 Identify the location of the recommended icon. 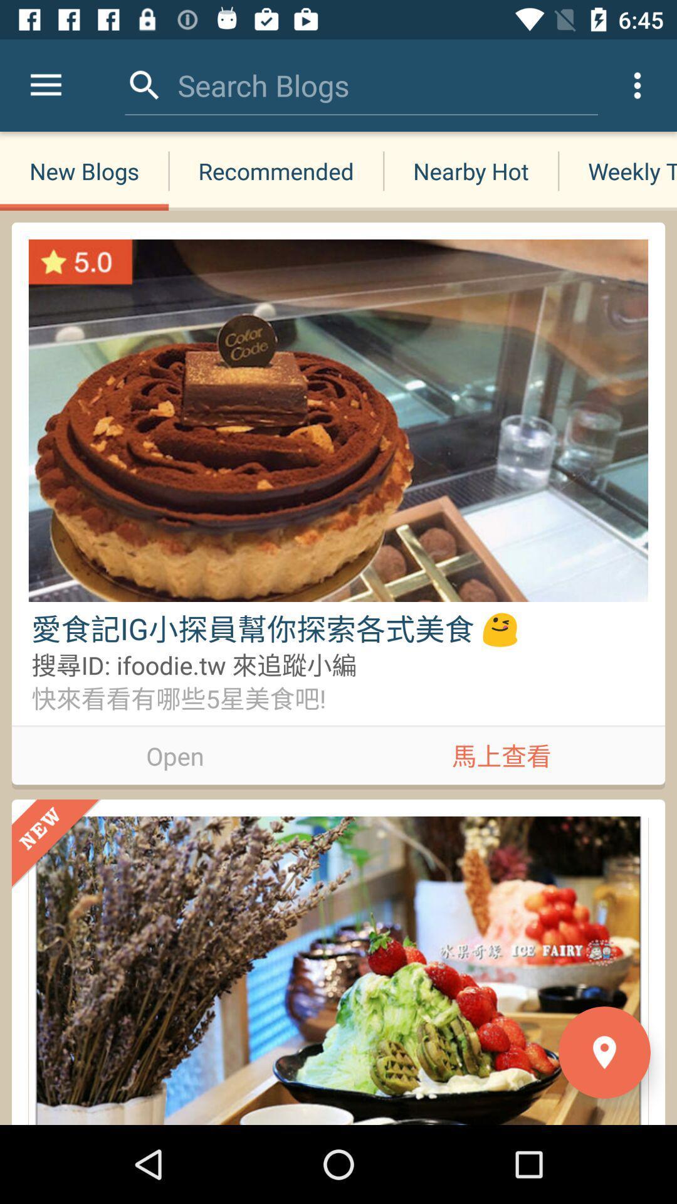
(275, 171).